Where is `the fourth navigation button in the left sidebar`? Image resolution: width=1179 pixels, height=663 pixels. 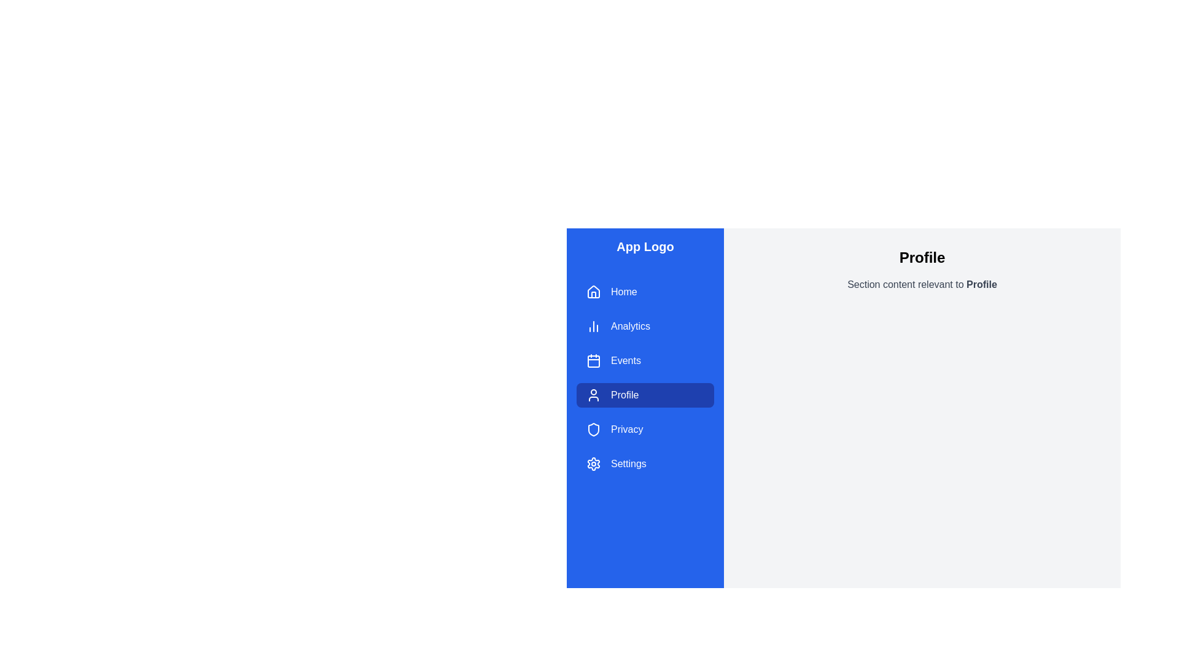 the fourth navigation button in the left sidebar is located at coordinates (645, 395).